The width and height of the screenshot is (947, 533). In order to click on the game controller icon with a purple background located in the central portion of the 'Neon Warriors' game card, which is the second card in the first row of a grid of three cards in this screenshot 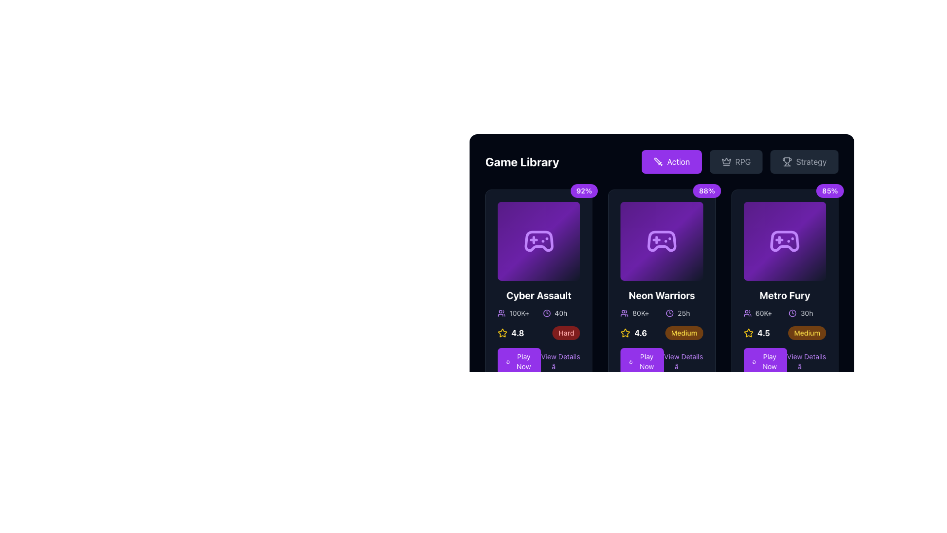, I will do `click(661, 241)`.